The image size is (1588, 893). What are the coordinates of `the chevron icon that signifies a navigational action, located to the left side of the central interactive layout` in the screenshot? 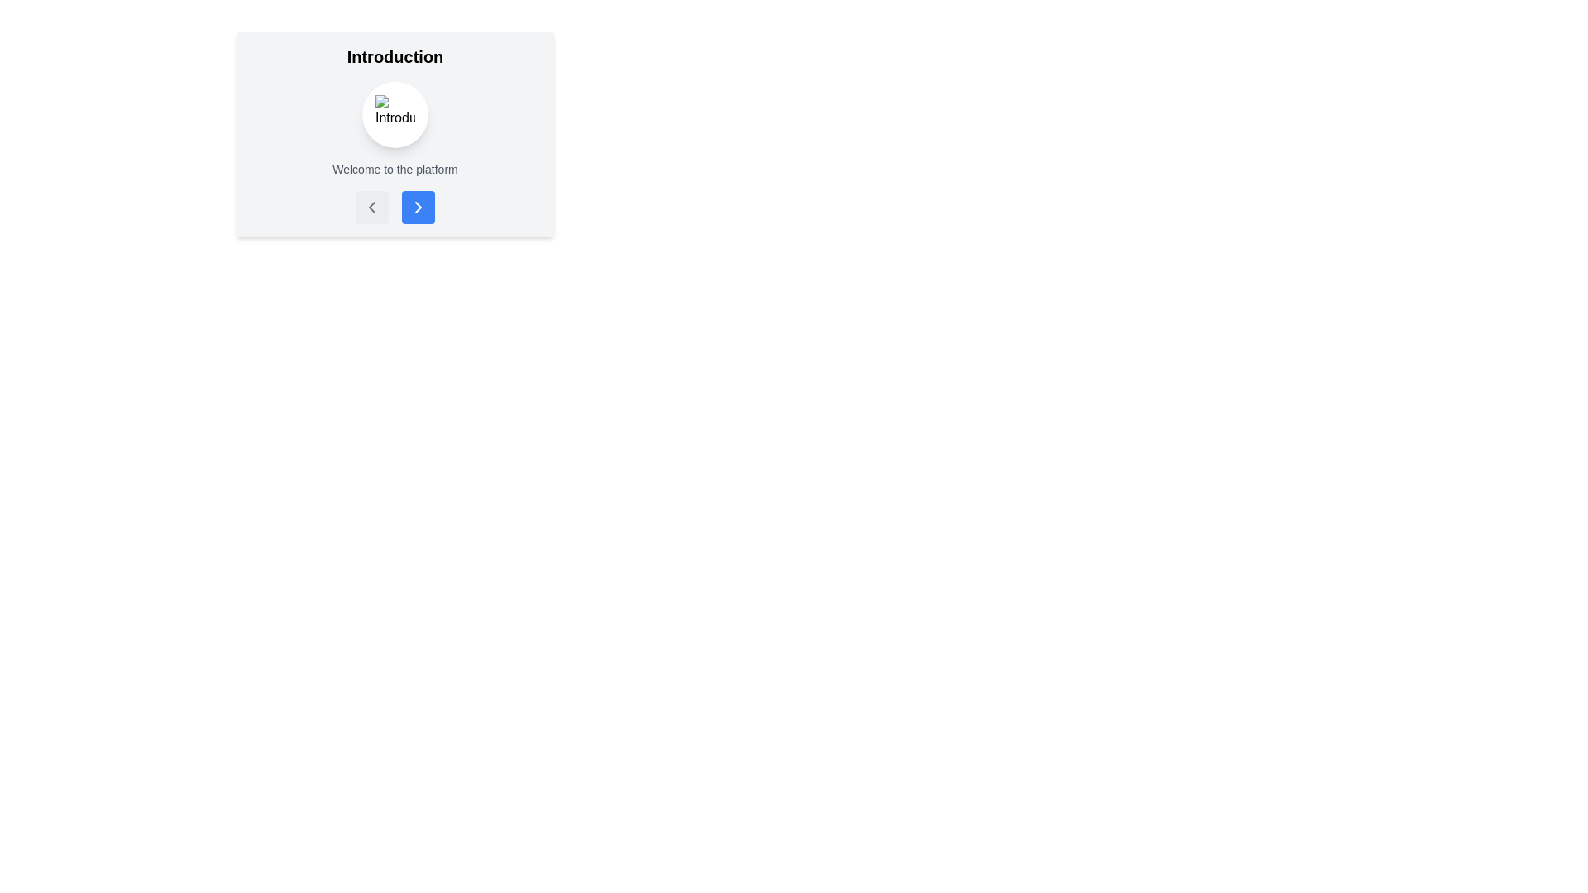 It's located at (371, 206).